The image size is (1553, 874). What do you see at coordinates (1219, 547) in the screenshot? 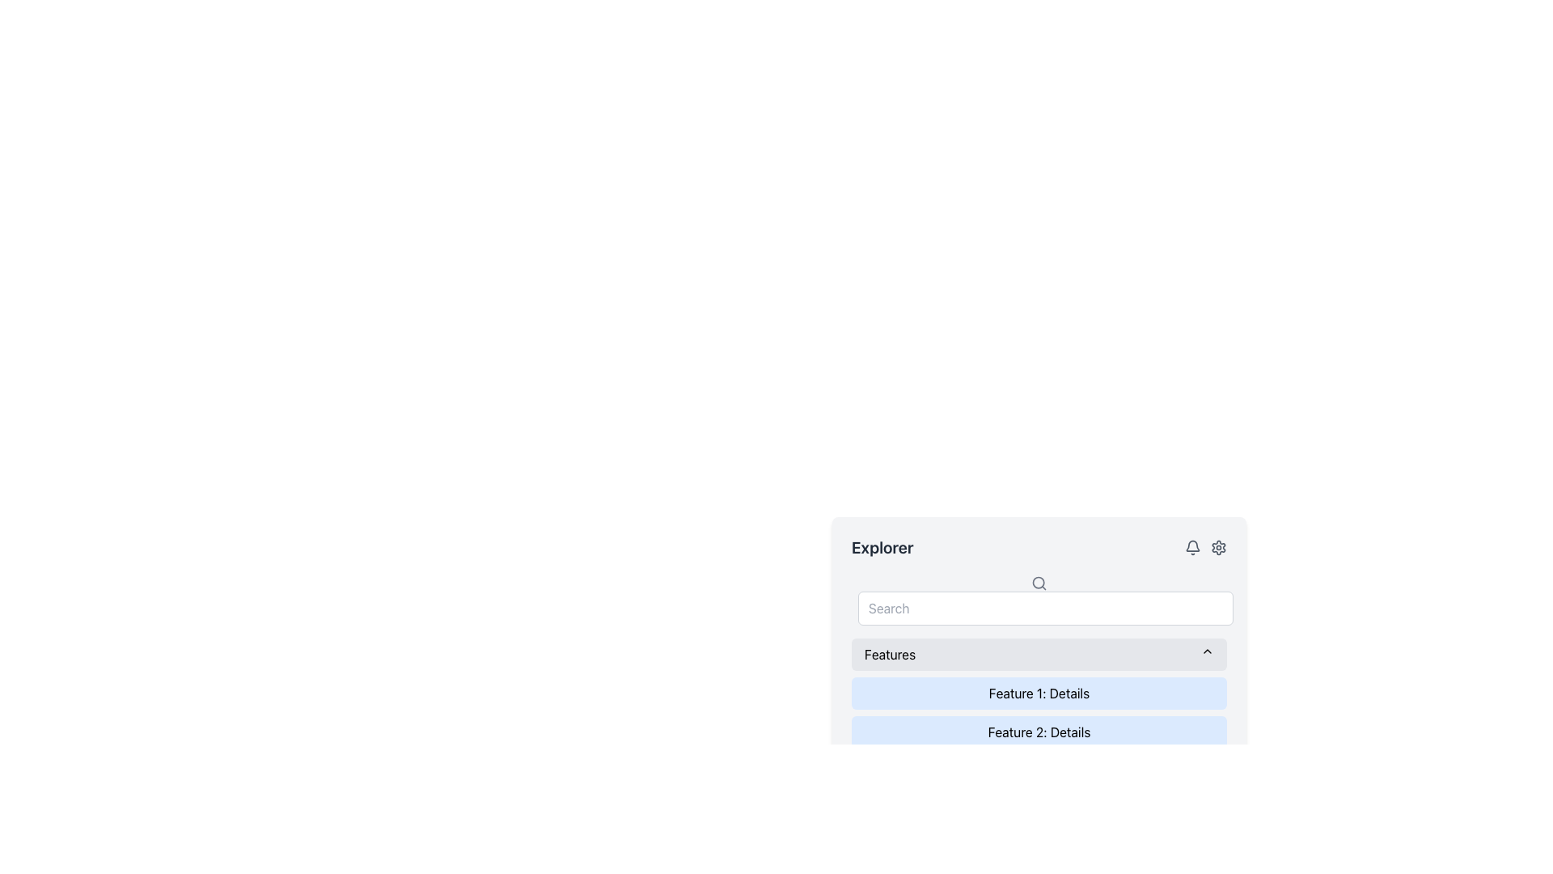
I see `the settings icon located at the top right corner of the interface` at bounding box center [1219, 547].